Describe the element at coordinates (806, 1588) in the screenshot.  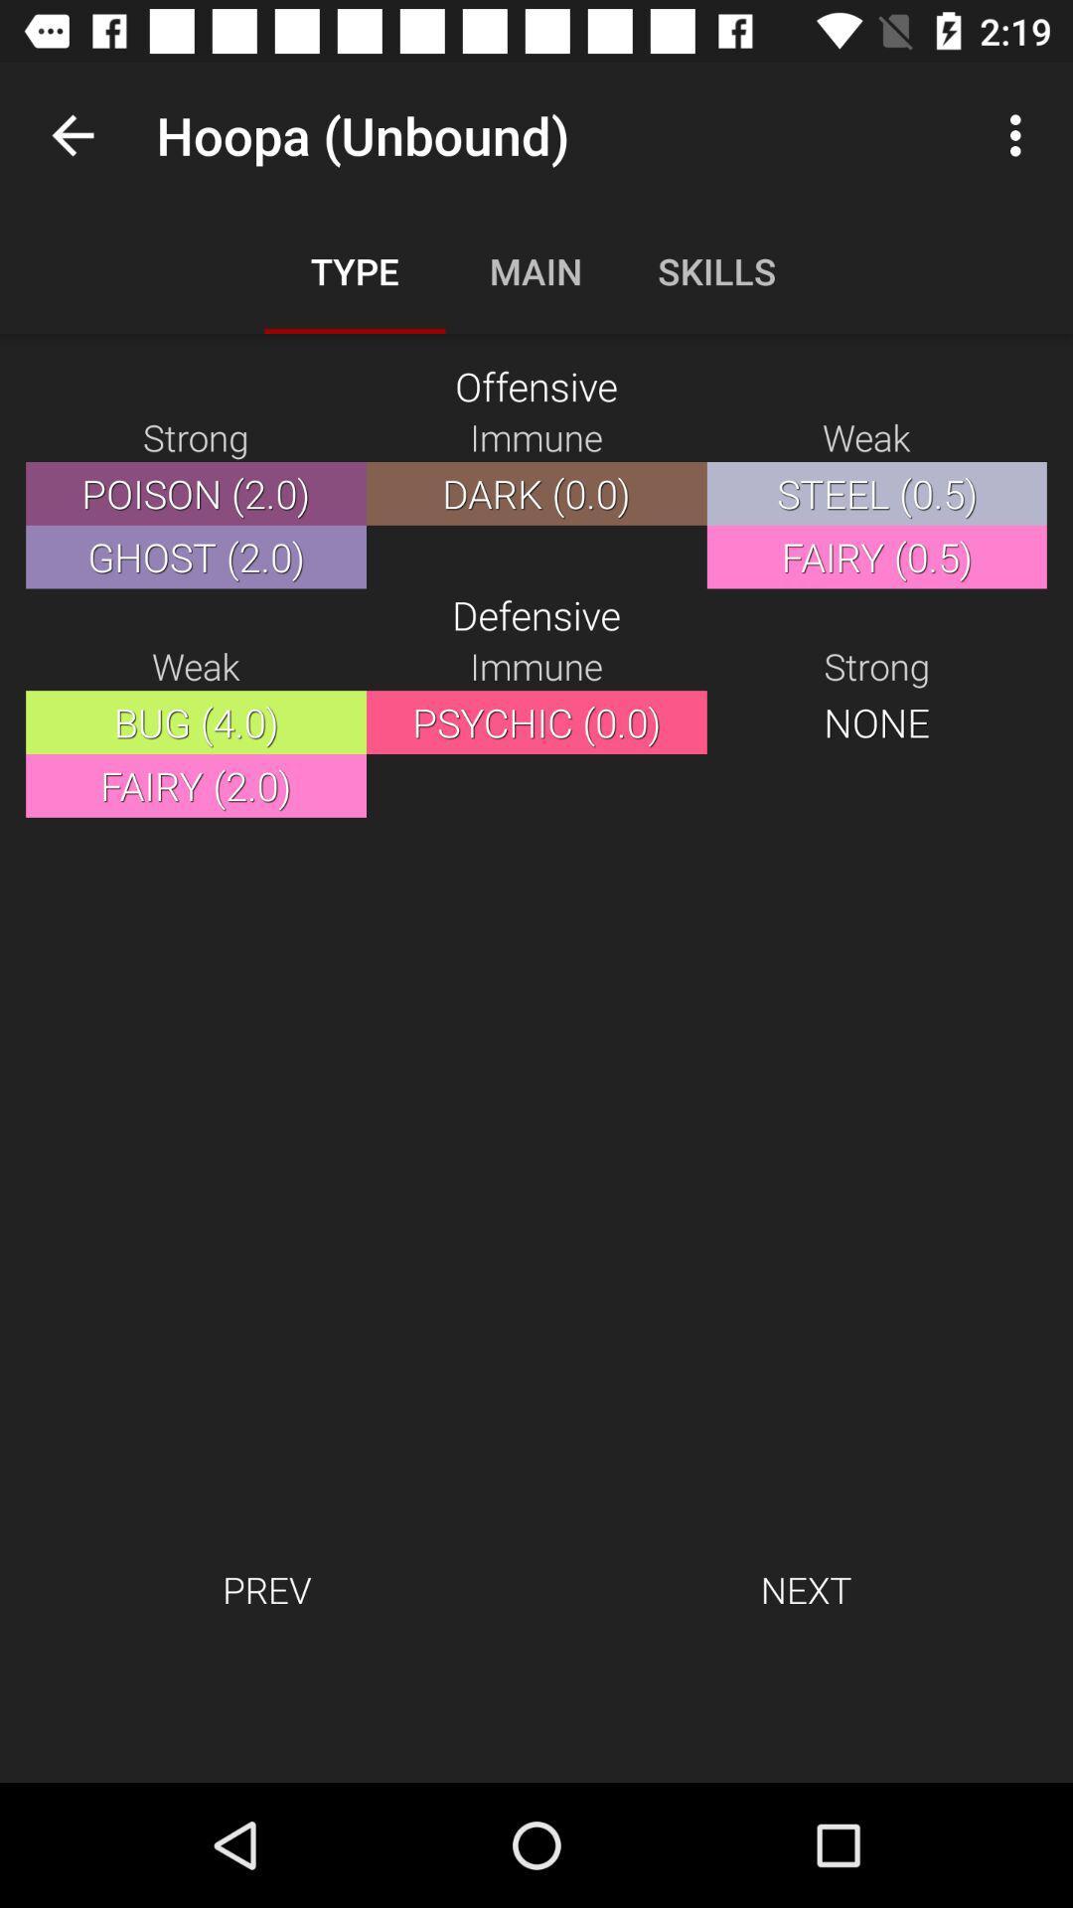
I see `the icon to the right of the prev icon` at that location.